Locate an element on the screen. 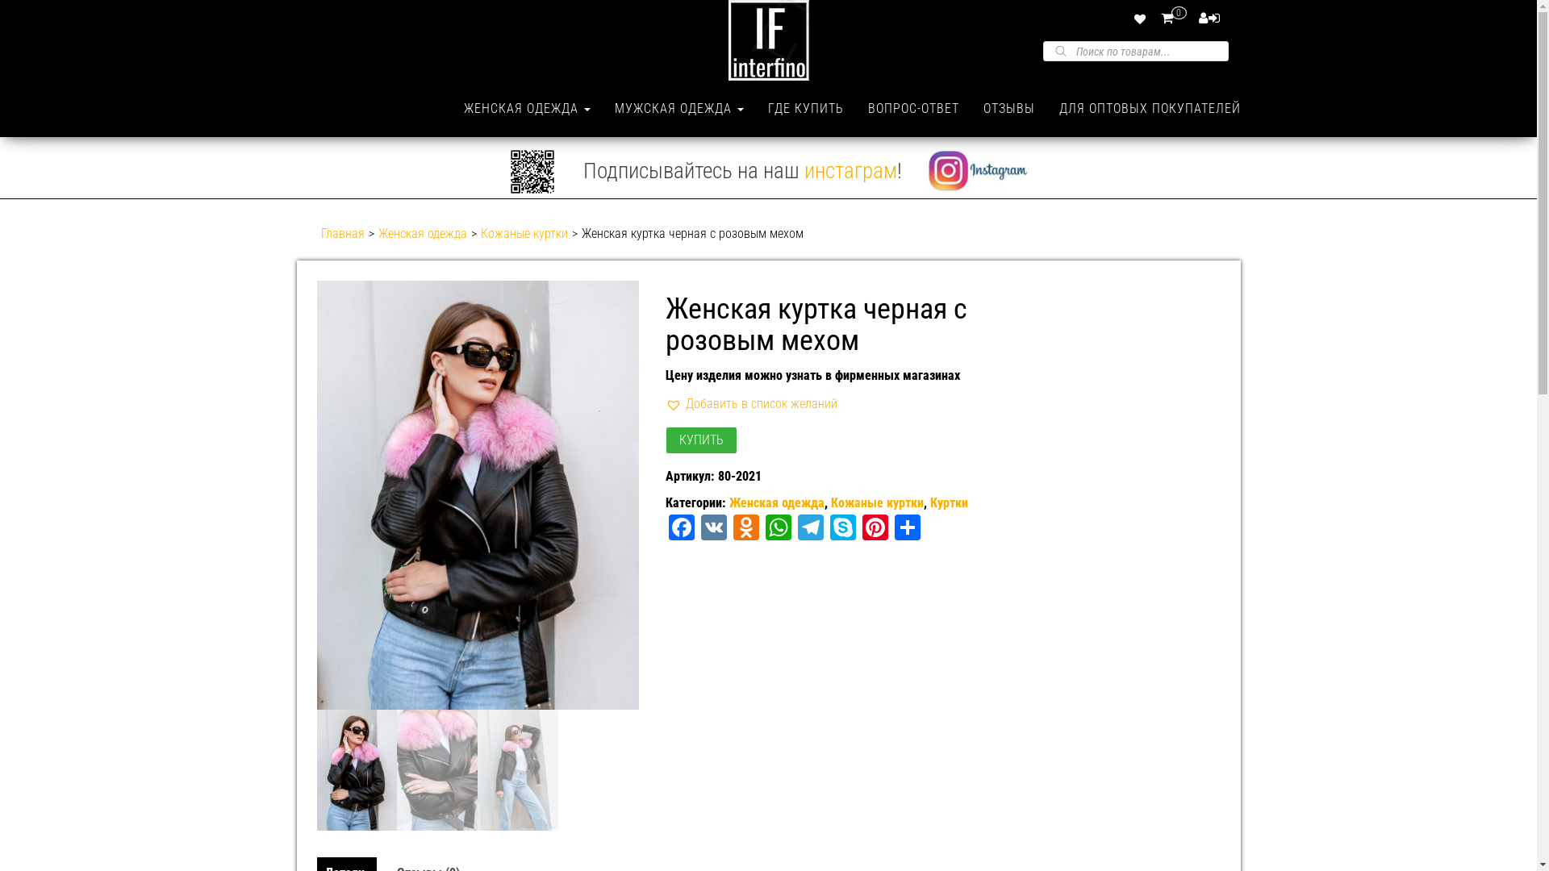 This screenshot has width=1549, height=871. 'WhatsApp' is located at coordinates (778, 529).